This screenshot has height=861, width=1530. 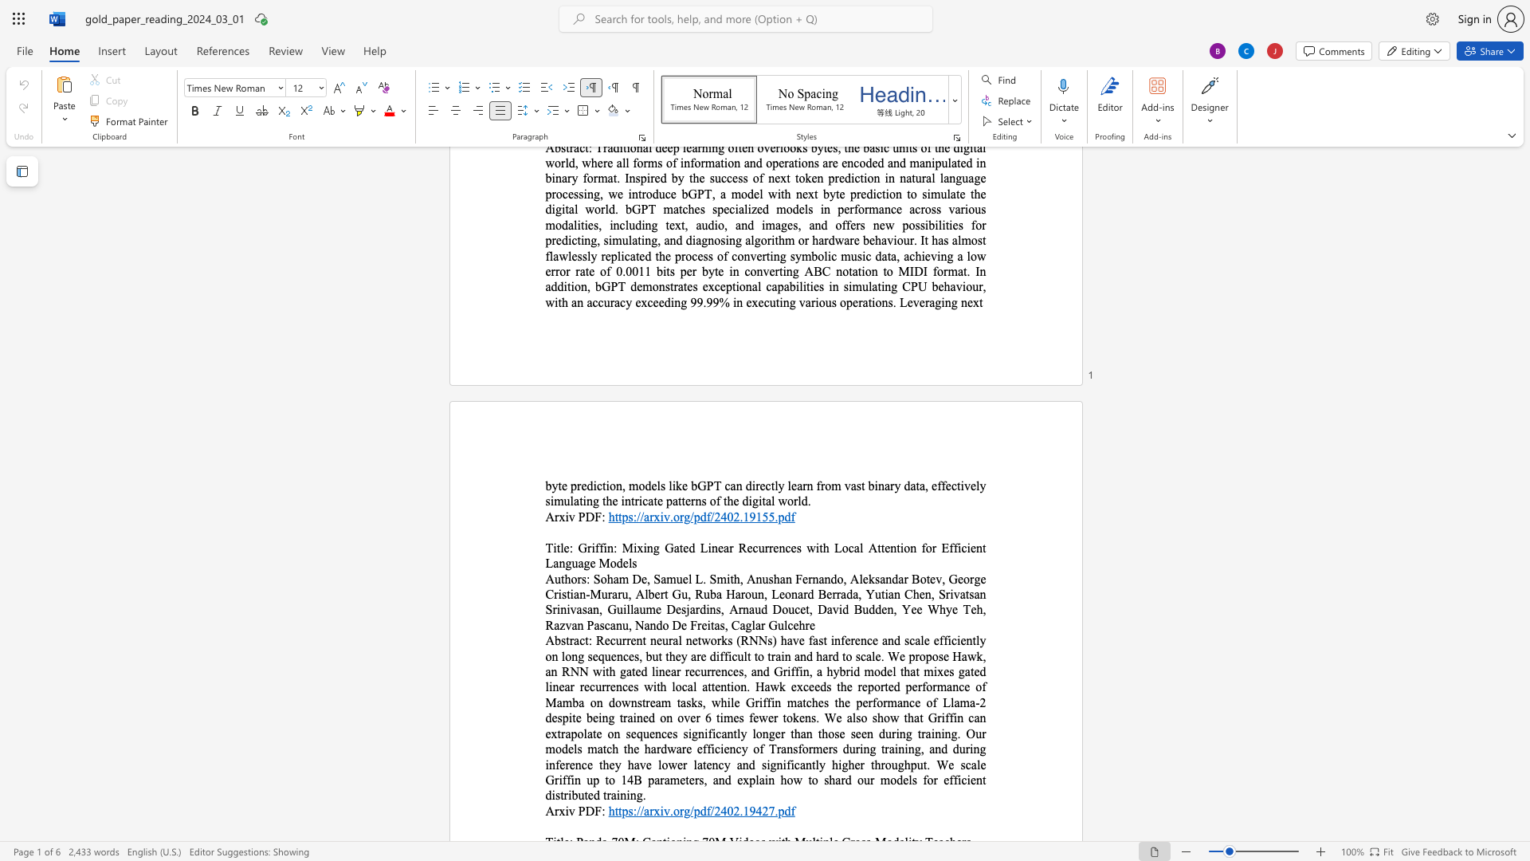 I want to click on the 1th character "." in the text, so click(x=671, y=811).